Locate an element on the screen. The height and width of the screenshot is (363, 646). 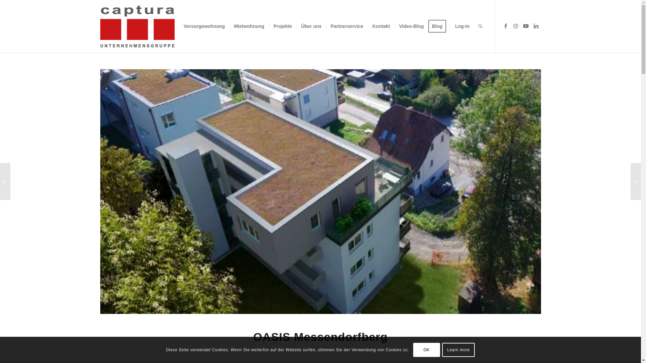
'Vorsorgewohnung' is located at coordinates (204, 26).